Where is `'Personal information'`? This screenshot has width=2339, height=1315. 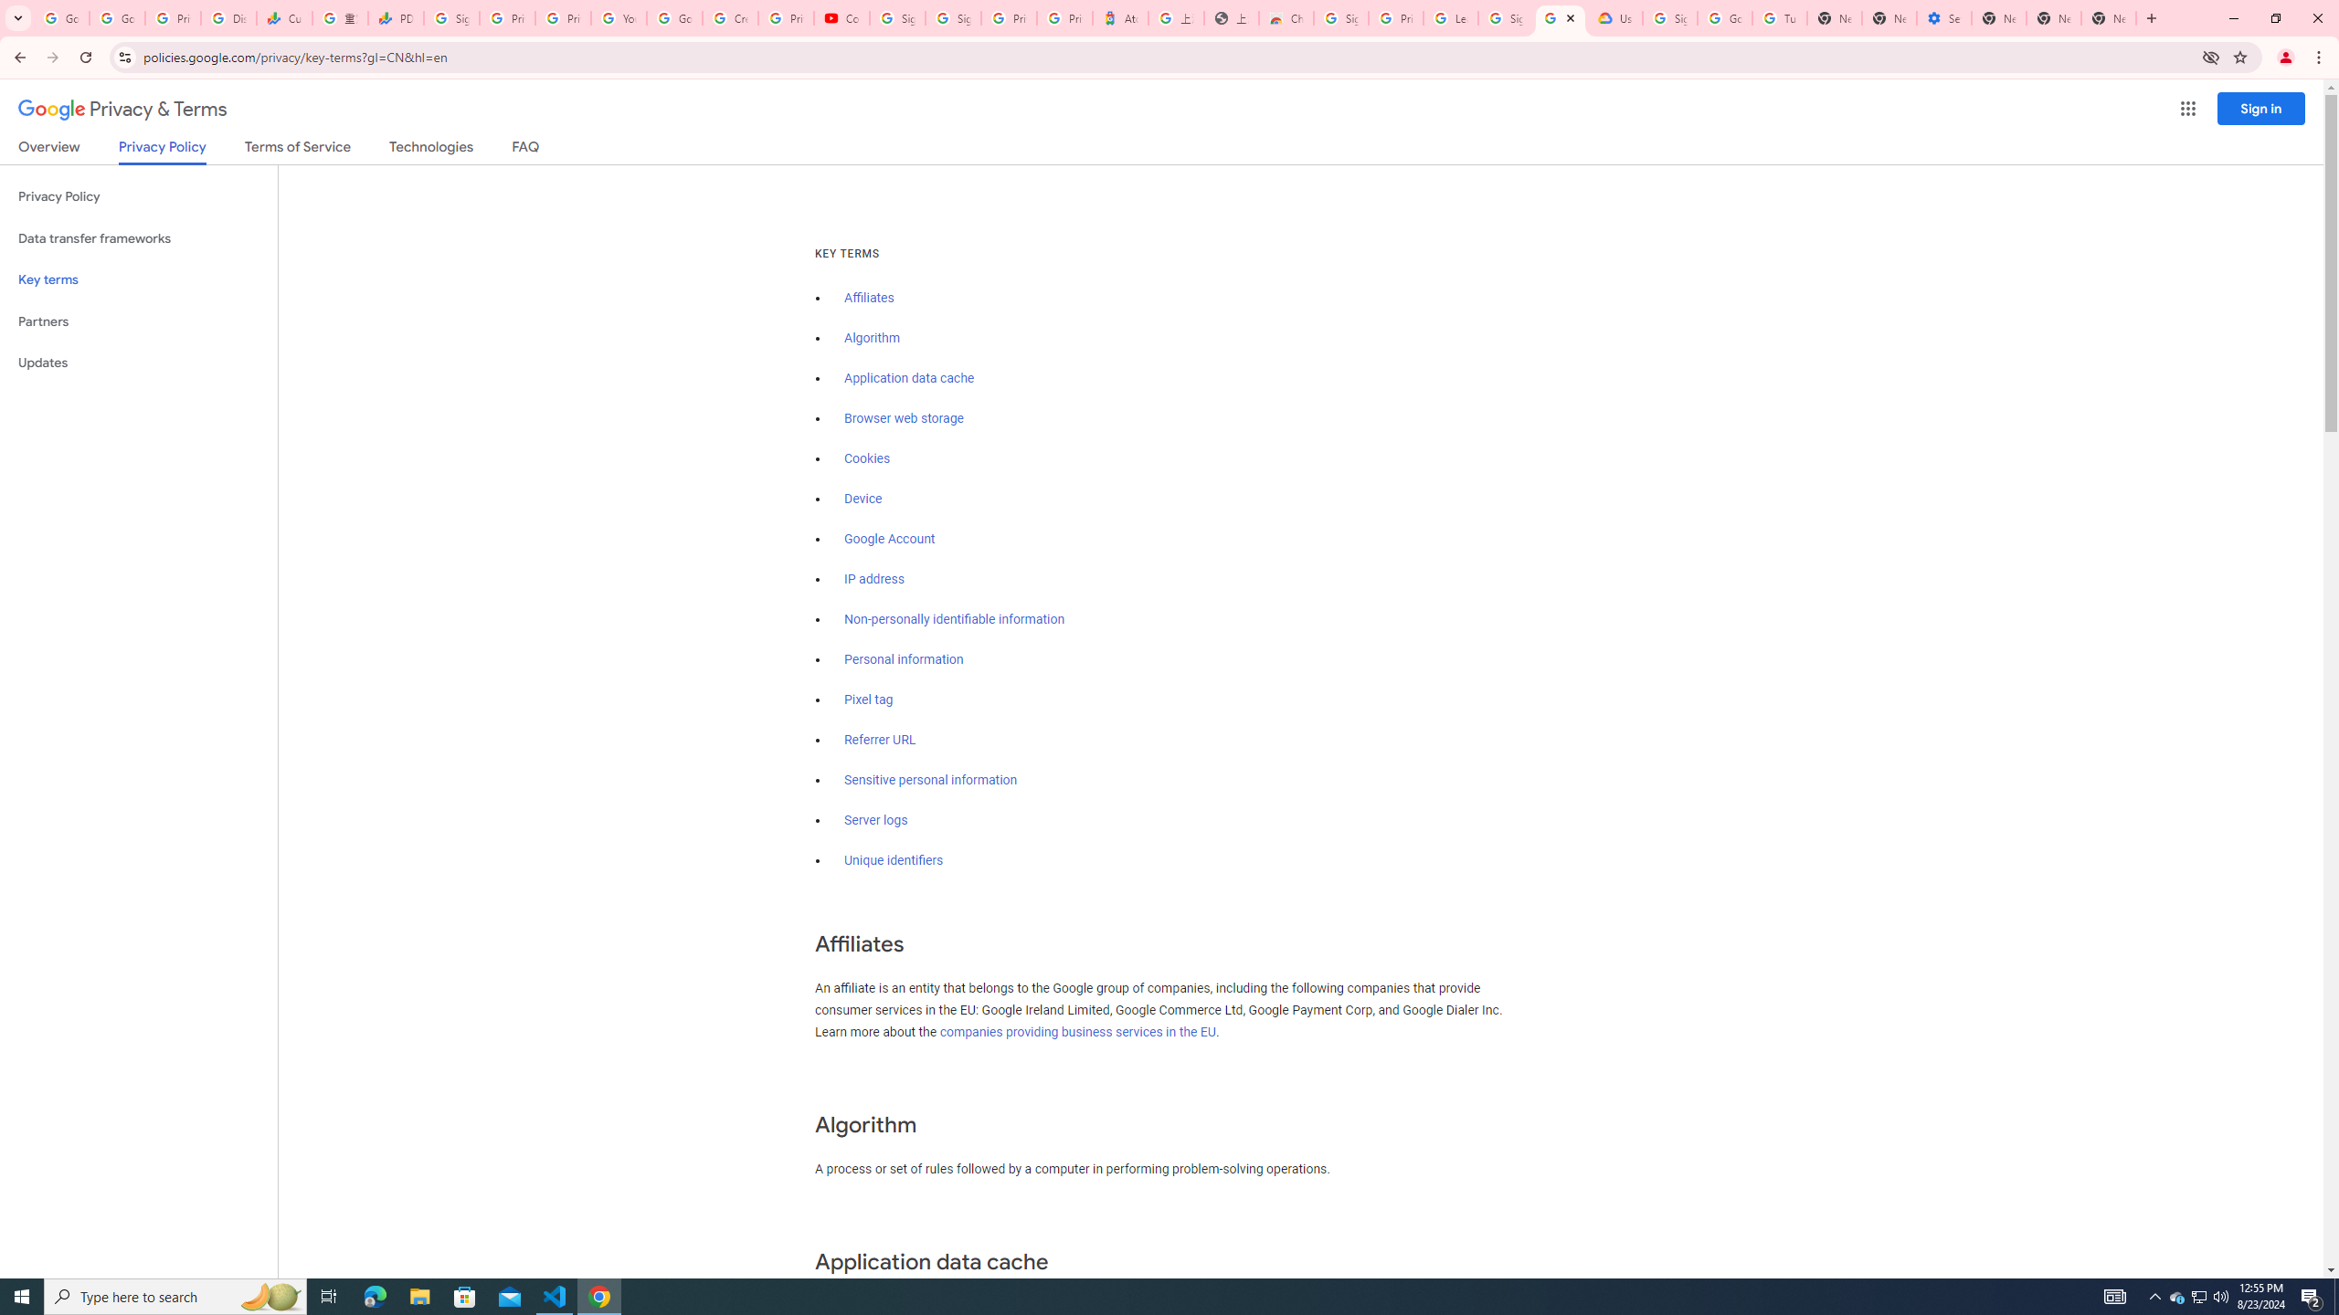
'Personal information' is located at coordinates (903, 658).